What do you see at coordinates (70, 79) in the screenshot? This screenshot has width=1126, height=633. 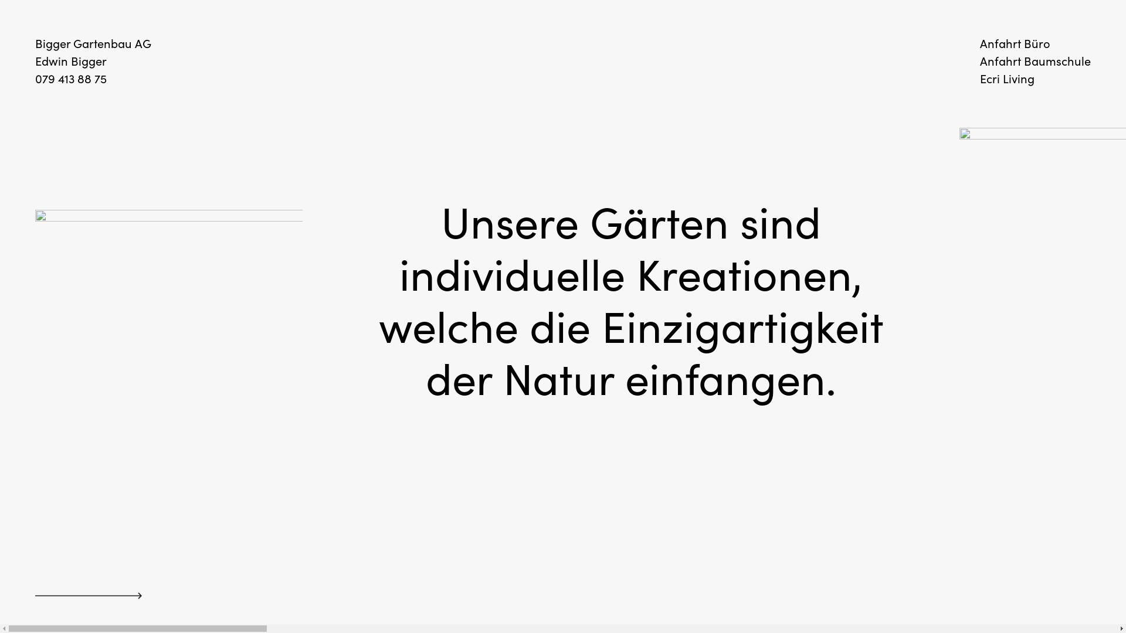 I see `'079 413 88 75'` at bounding box center [70, 79].